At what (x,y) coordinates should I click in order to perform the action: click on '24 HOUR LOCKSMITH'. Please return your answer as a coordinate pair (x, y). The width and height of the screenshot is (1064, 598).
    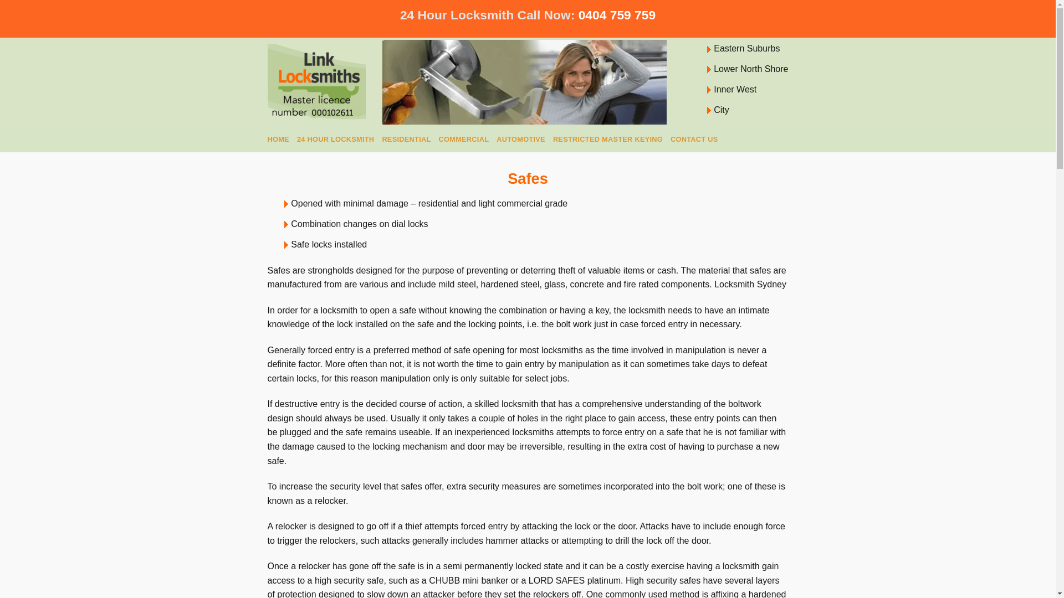
    Looking at the image, I should click on (297, 138).